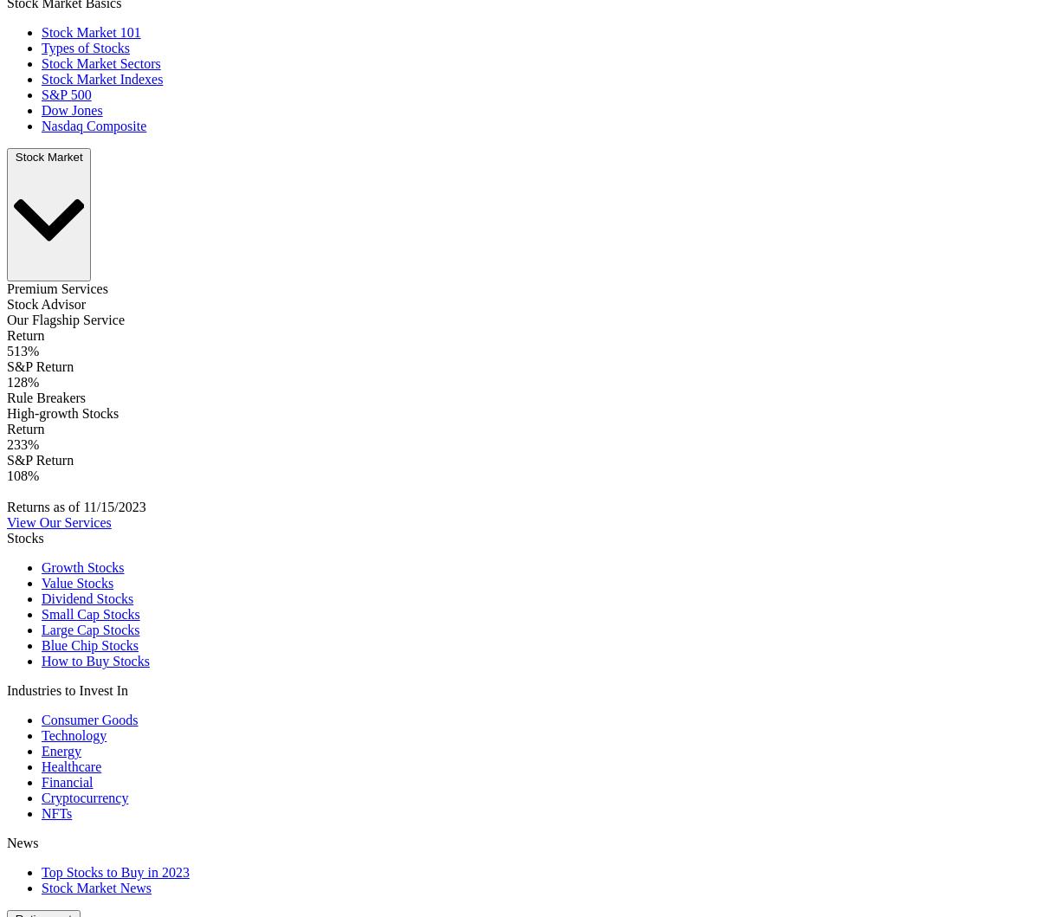  Describe the element at coordinates (90, 630) in the screenshot. I see `'Large Cap Stocks'` at that location.